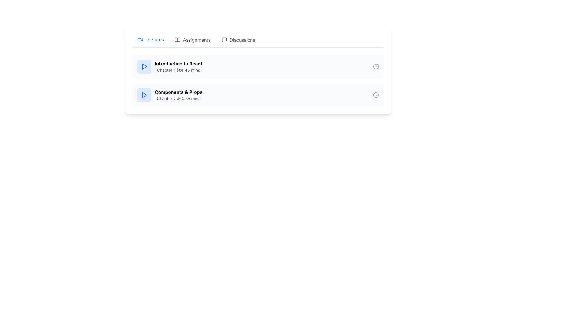 The width and height of the screenshot is (569, 320). What do you see at coordinates (139, 40) in the screenshot?
I see `the lower rectangle of the video camera icon, which is positioned to the left of the 'Lectures' tab in the navigation header` at bounding box center [139, 40].